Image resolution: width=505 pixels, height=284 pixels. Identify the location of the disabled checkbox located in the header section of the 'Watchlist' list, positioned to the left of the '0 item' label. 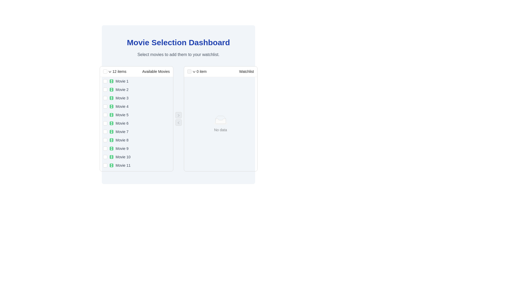
(189, 72).